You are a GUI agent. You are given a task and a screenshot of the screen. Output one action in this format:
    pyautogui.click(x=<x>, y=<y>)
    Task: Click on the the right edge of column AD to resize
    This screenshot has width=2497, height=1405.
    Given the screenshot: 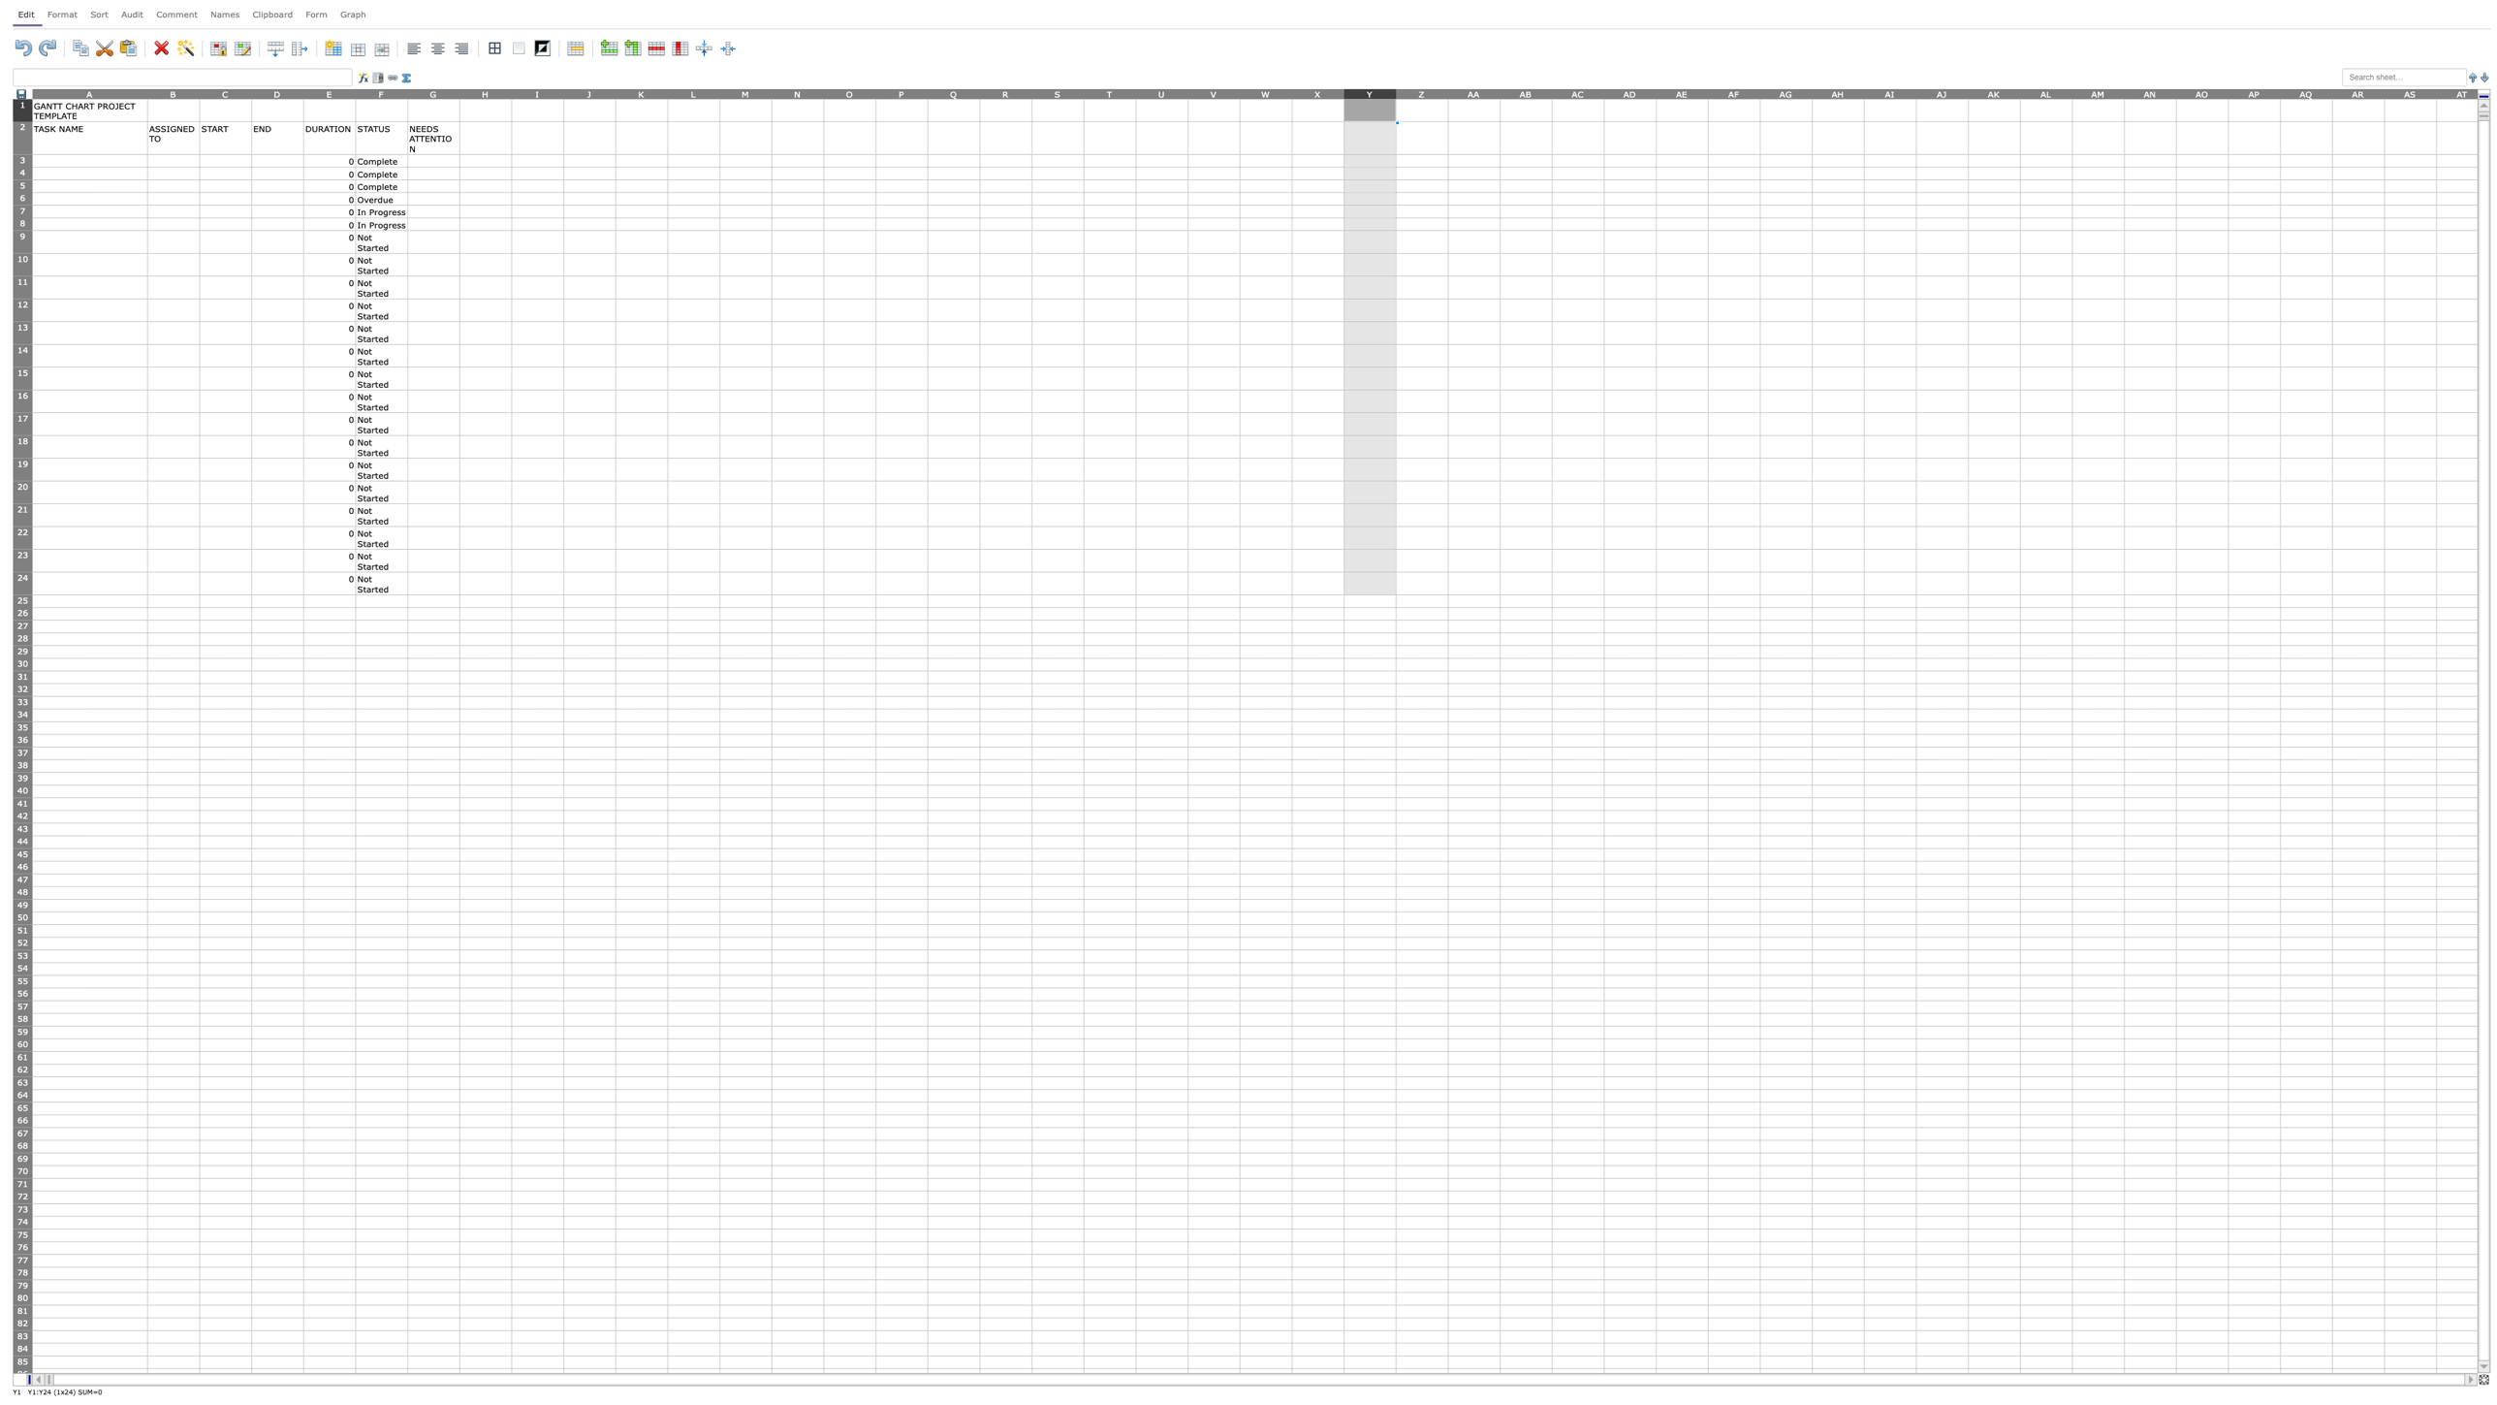 What is the action you would take?
    pyautogui.click(x=1656, y=92)
    